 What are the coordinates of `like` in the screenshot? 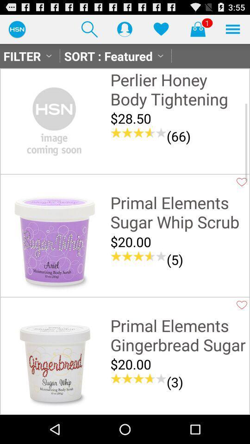 It's located at (161, 29).